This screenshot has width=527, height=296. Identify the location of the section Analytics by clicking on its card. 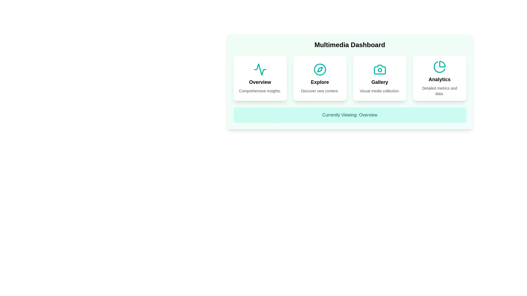
(439, 78).